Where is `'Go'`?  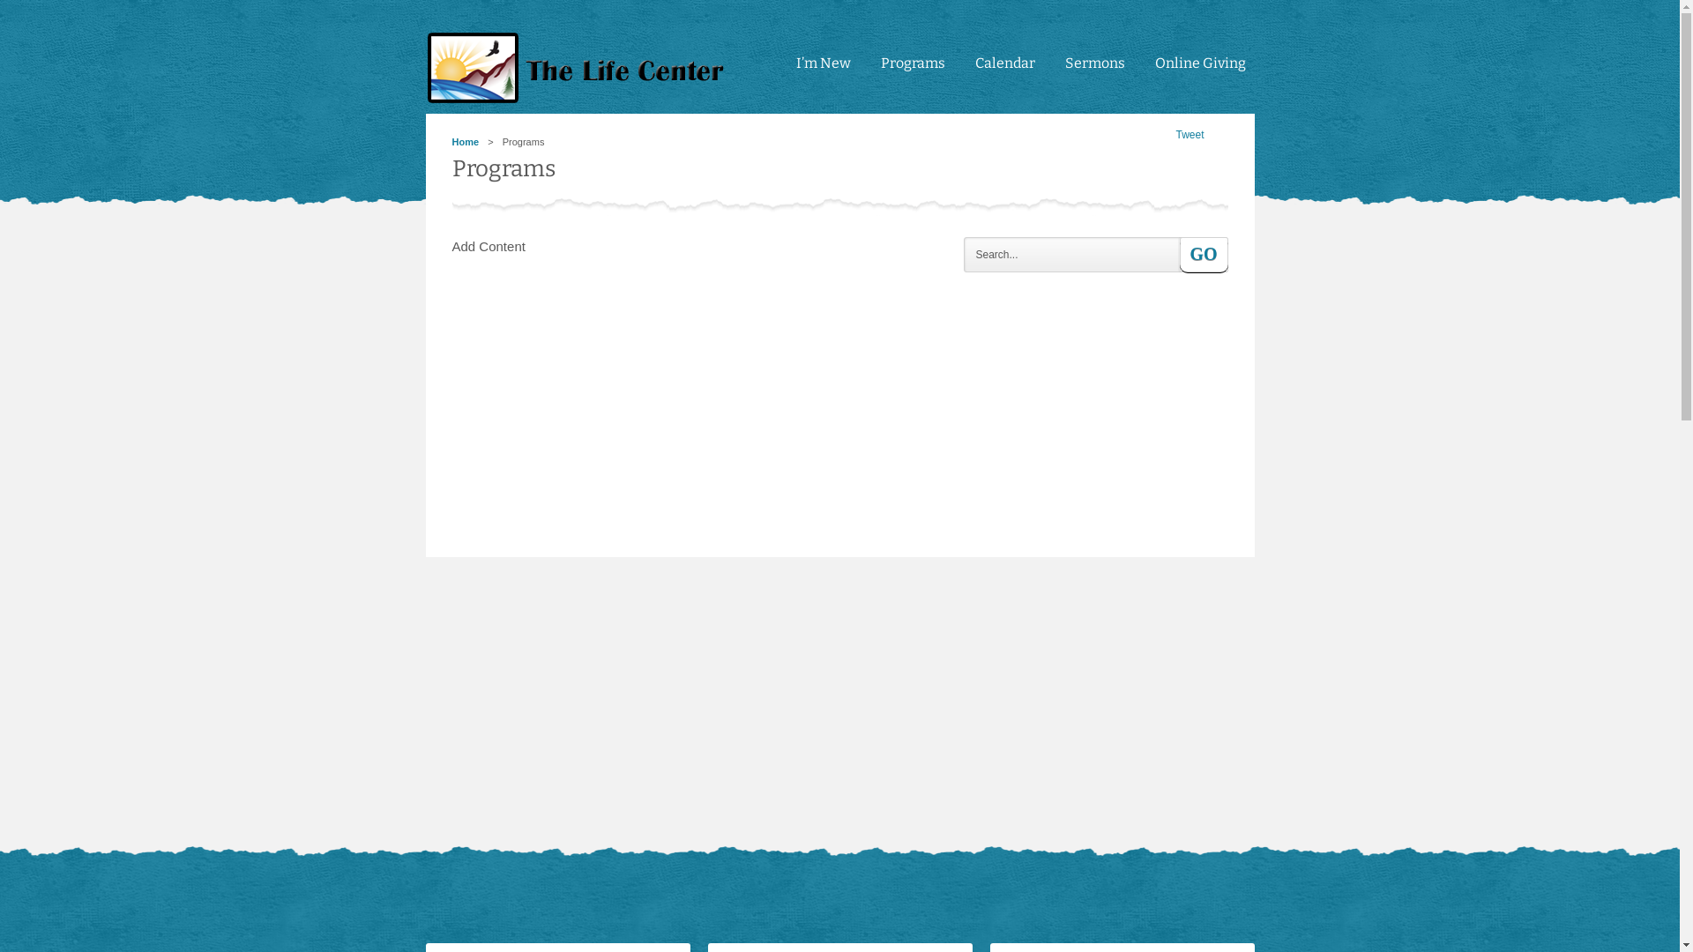
'Go' is located at coordinates (1203, 255).